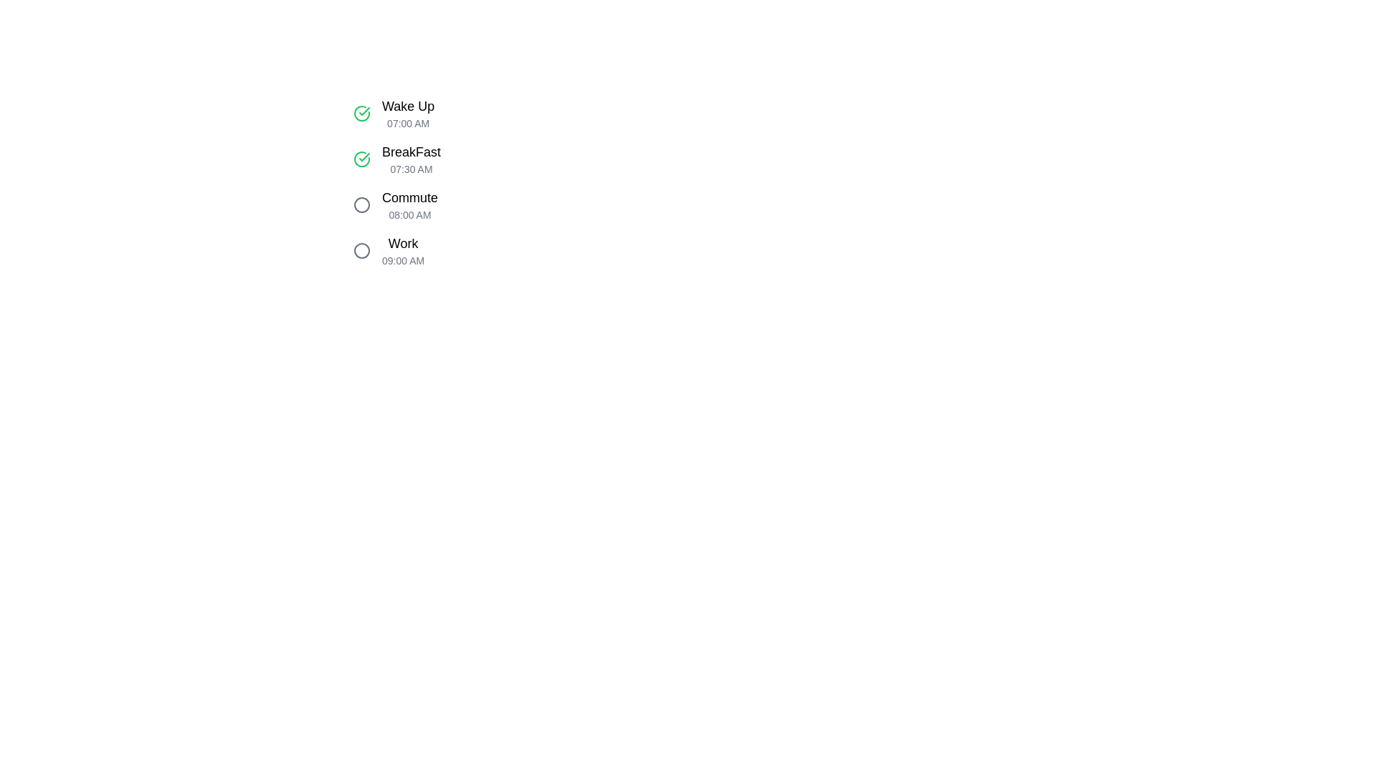  What do you see at coordinates (361, 112) in the screenshot?
I see `the first icon in the vertical list that indicates the completion status of 'Wake Up' at '07:00 AM' to mark it as incomplete` at bounding box center [361, 112].